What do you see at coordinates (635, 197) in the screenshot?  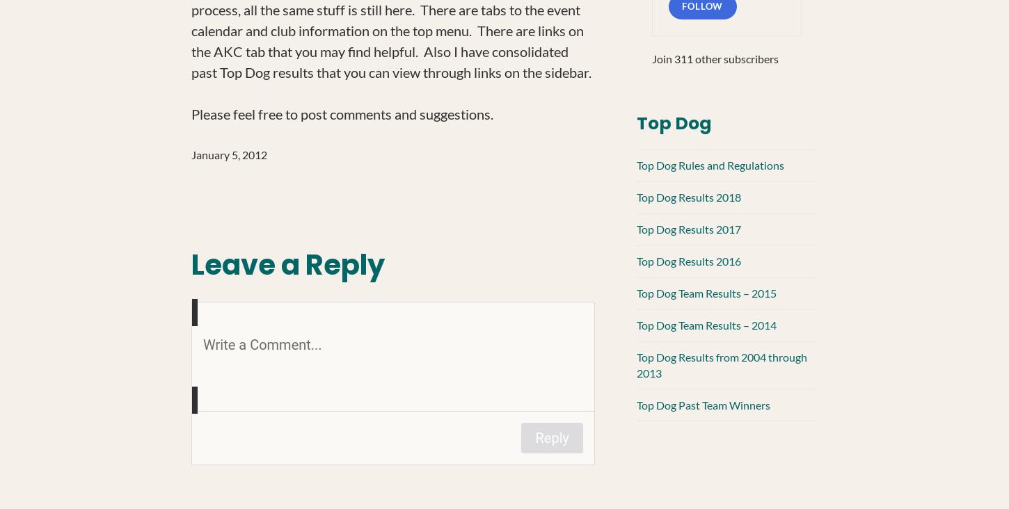 I see `'Top Dog Results 2018'` at bounding box center [635, 197].